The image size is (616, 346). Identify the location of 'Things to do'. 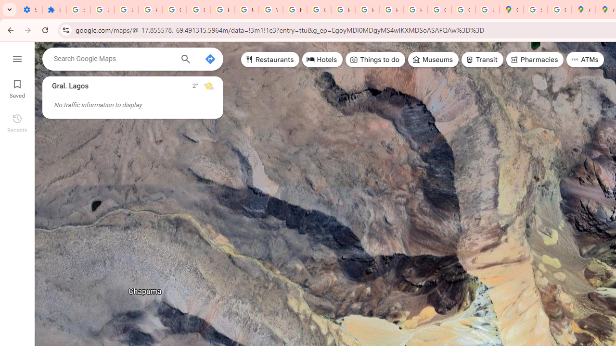
(375, 60).